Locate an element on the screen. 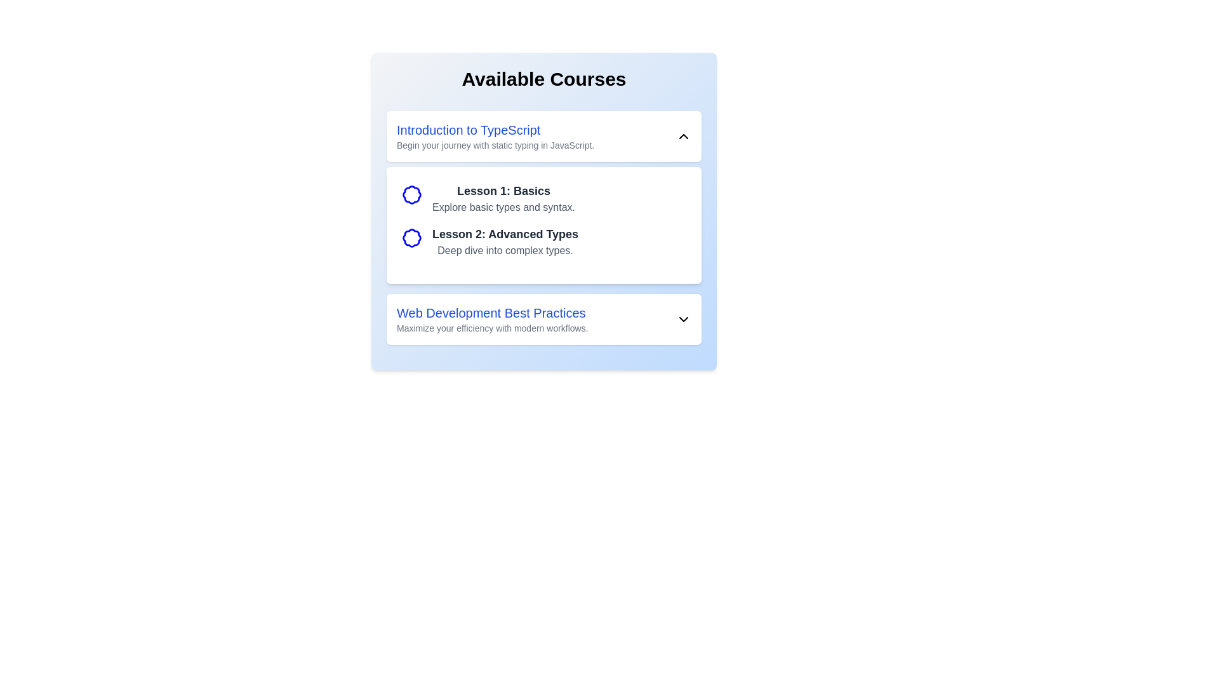 This screenshot has height=686, width=1219. the Interactive card representing 'Lesson 1: Basics' for keyboard navigation is located at coordinates (544, 198).